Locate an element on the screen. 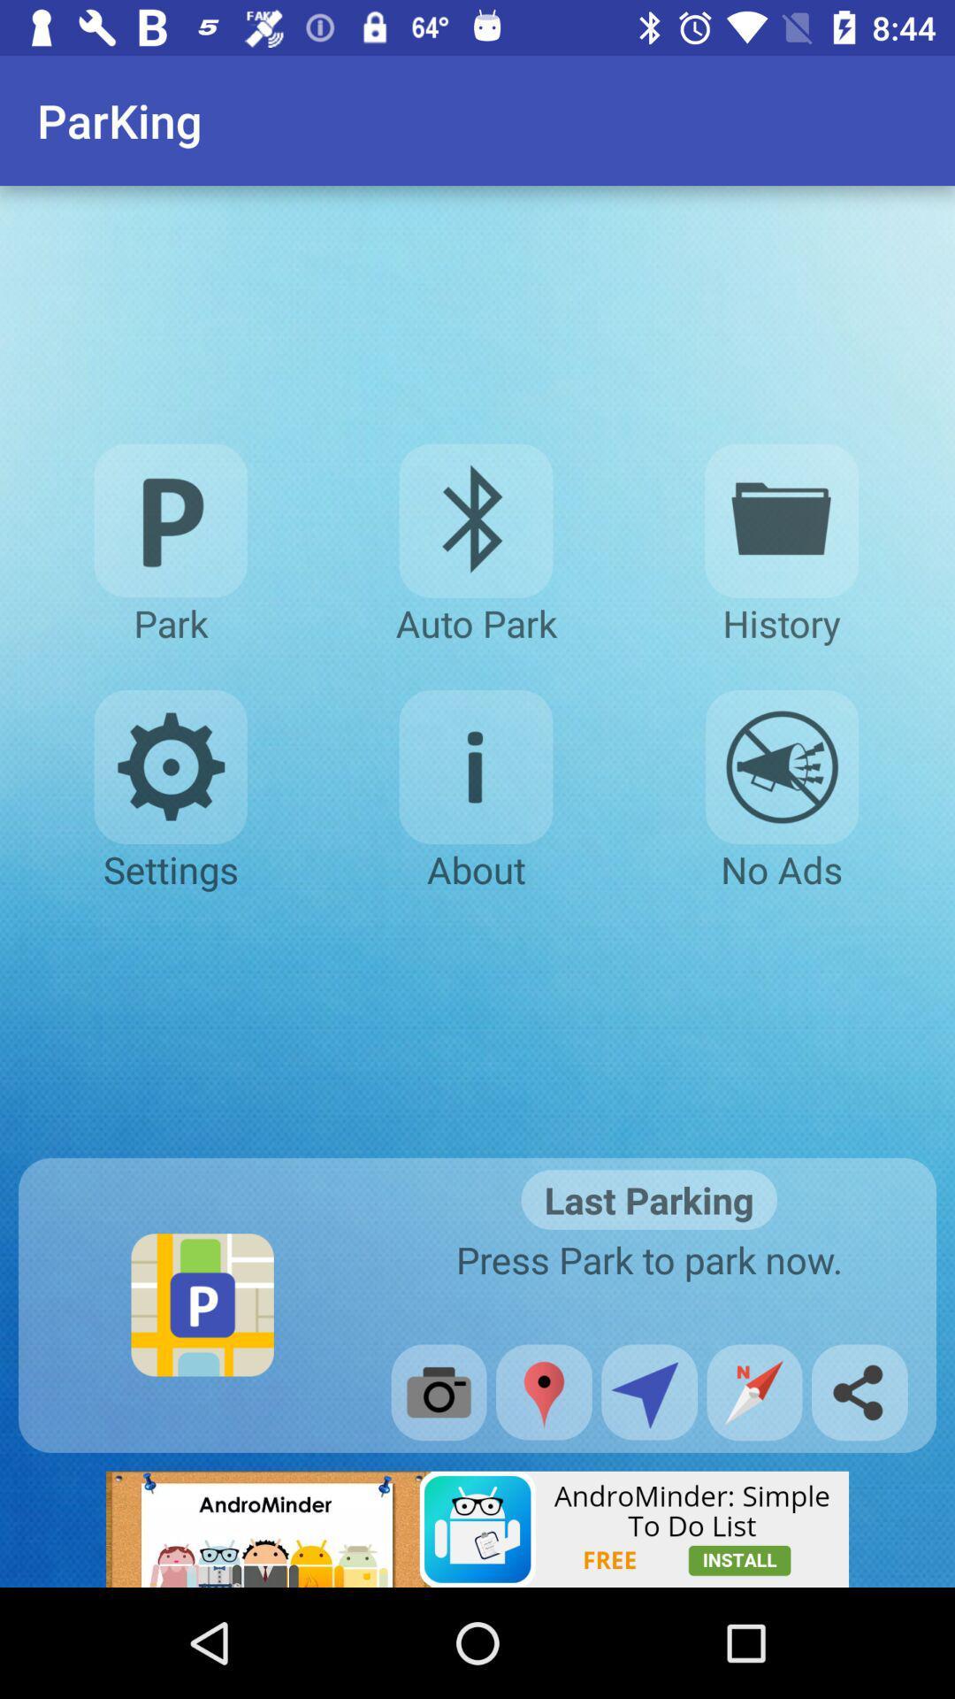 This screenshot has height=1699, width=955. about is located at coordinates (475, 767).